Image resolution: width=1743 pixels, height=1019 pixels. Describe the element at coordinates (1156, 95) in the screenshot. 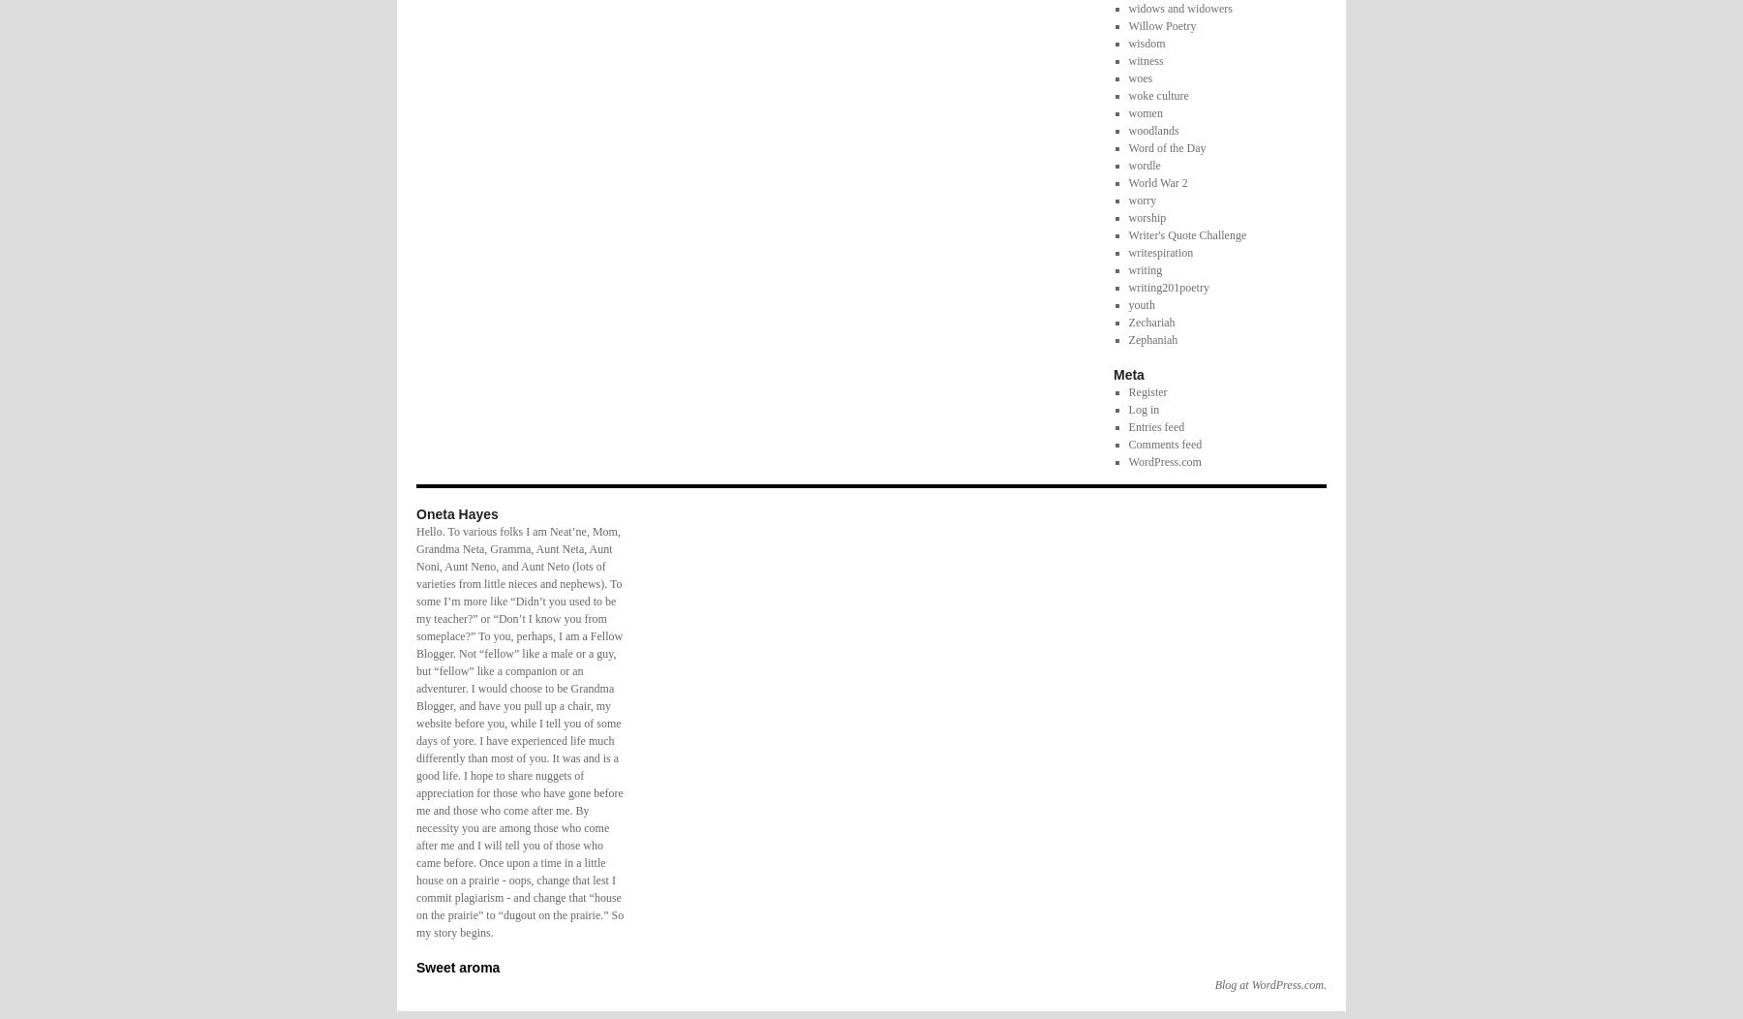

I see `'woke culture'` at that location.